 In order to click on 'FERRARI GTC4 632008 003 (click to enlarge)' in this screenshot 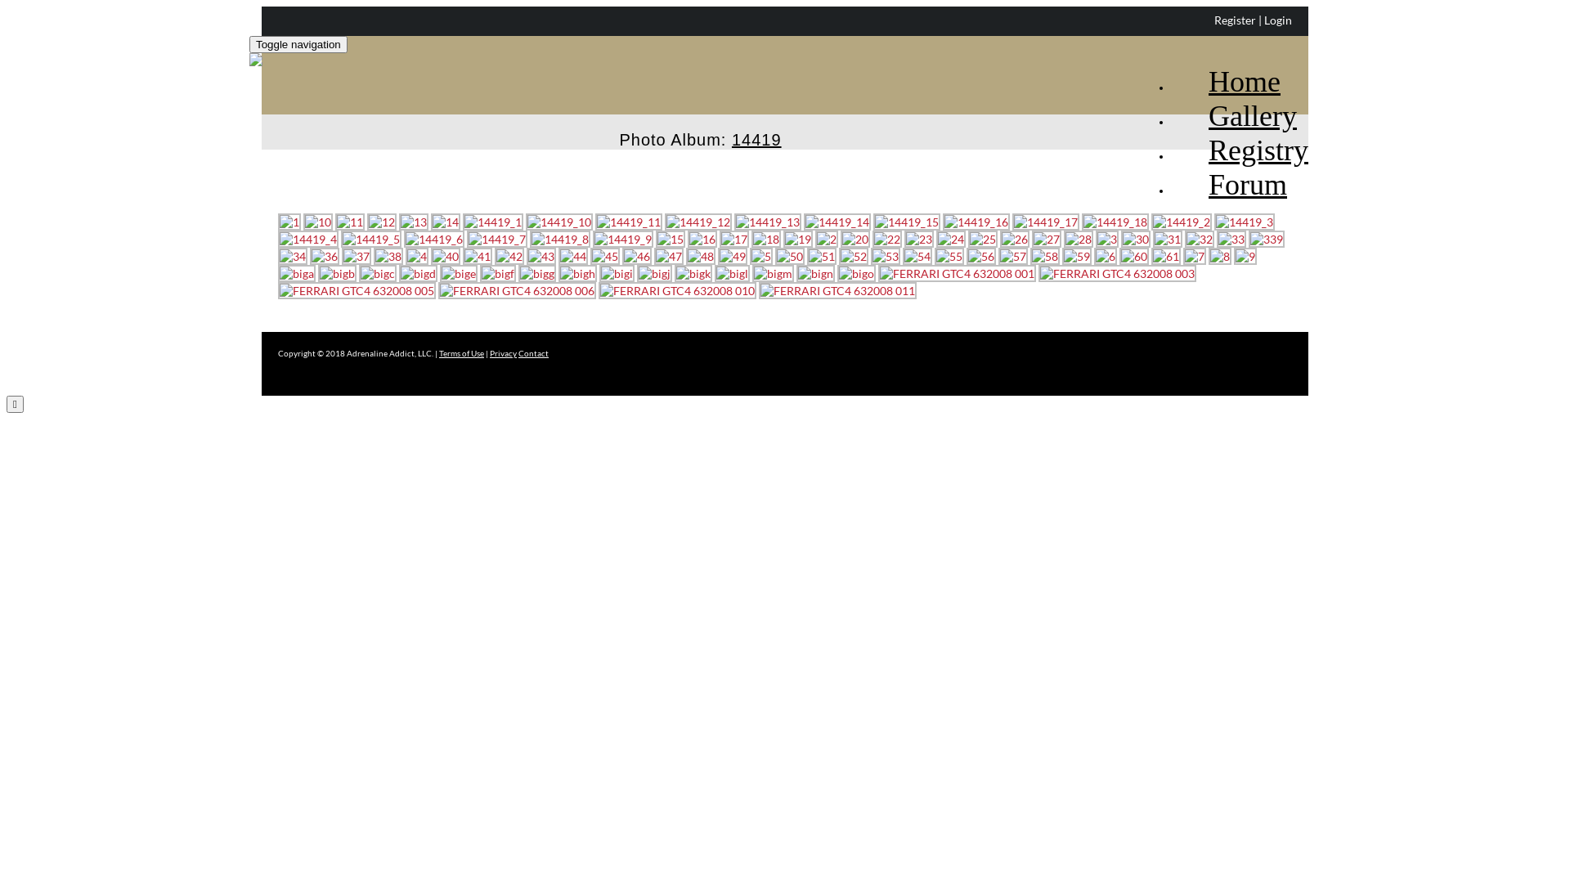, I will do `click(1038, 272)`.